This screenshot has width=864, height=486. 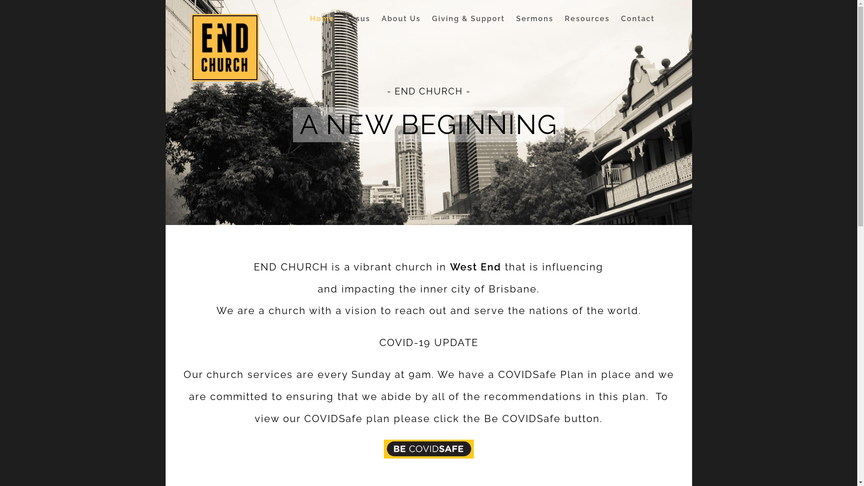 I want to click on 'Sermons', so click(x=535, y=19).